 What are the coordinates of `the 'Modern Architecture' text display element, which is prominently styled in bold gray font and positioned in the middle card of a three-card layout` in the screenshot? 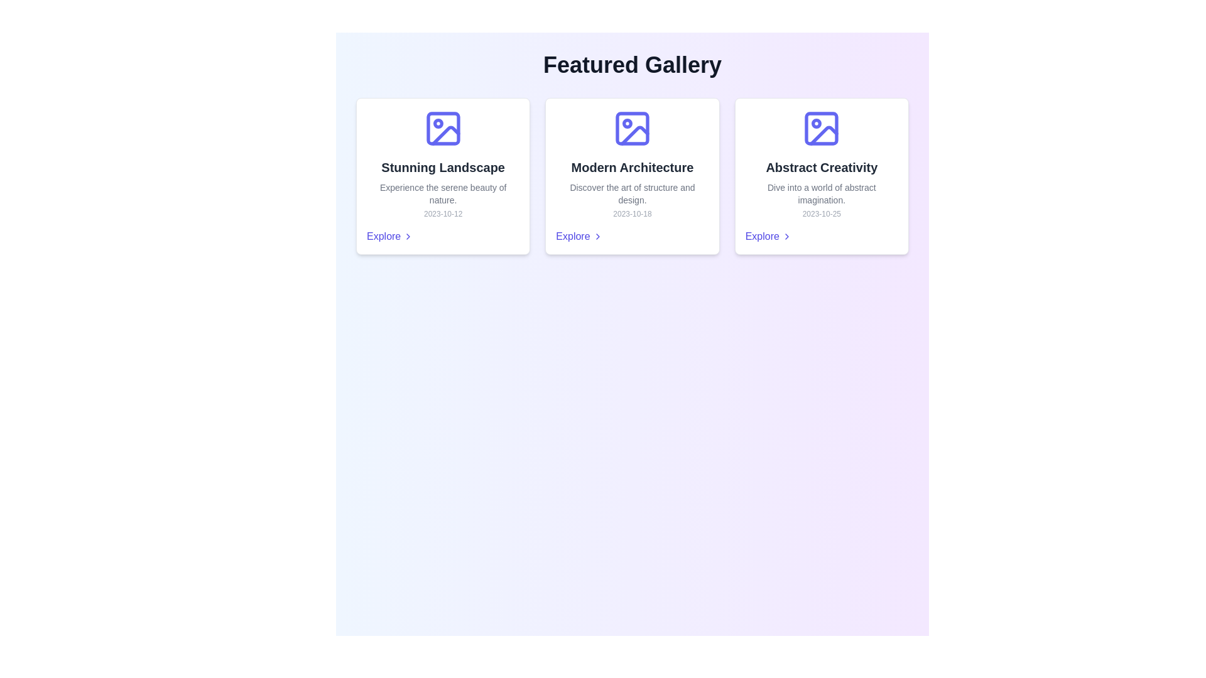 It's located at (633, 166).